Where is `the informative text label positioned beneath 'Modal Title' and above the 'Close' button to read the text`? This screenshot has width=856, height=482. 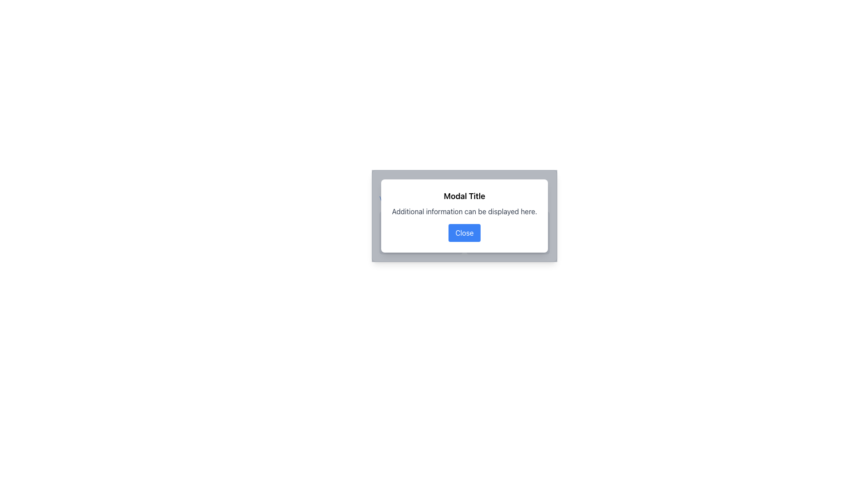
the informative text label positioned beneath 'Modal Title' and above the 'Close' button to read the text is located at coordinates (464, 212).